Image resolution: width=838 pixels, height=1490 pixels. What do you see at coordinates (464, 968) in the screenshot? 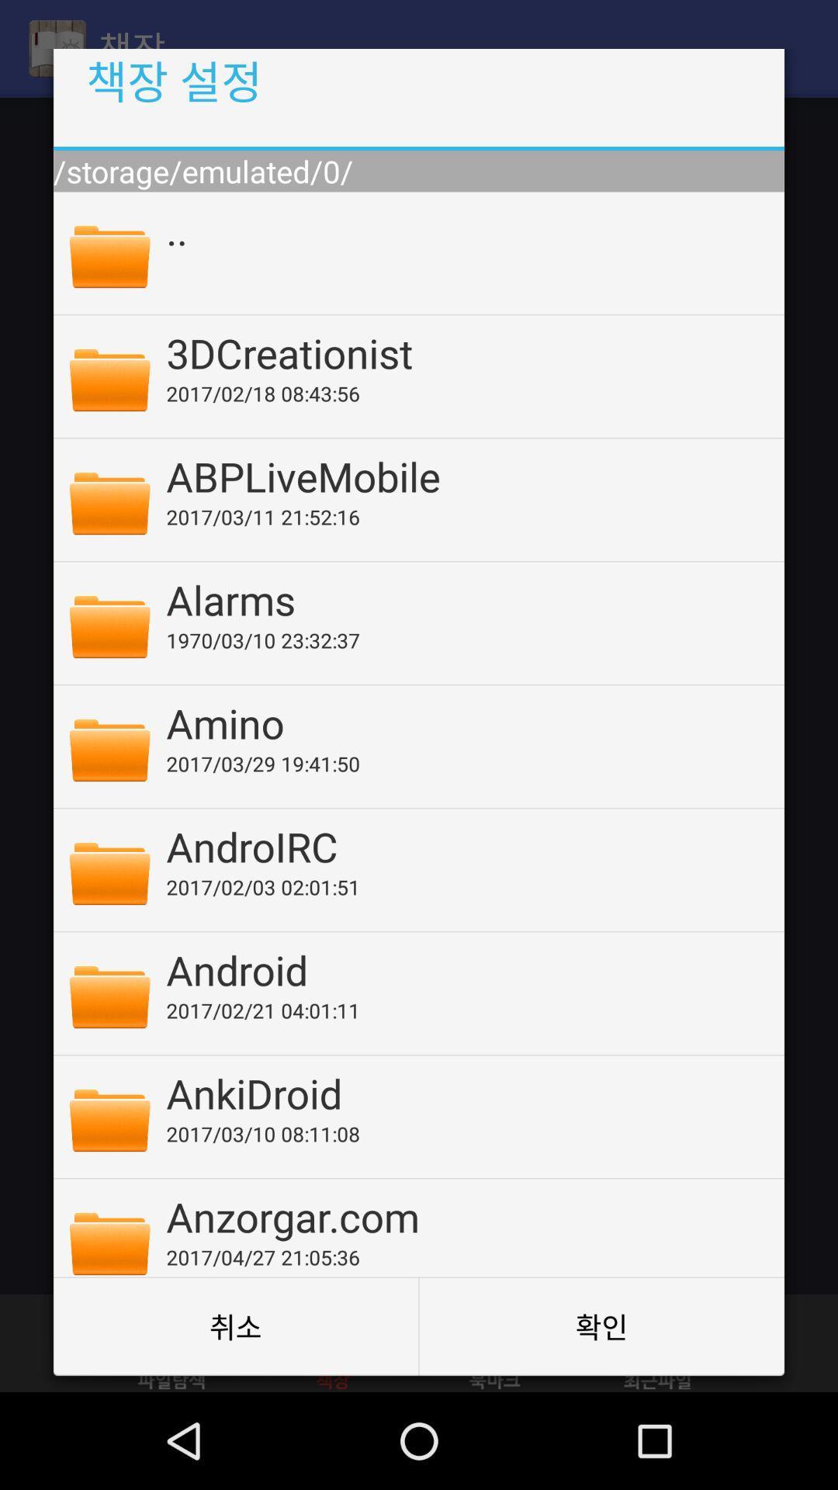
I see `the icon below 2017 02 03 icon` at bounding box center [464, 968].